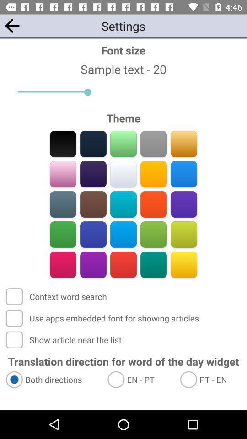 Image resolution: width=247 pixels, height=439 pixels. What do you see at coordinates (123, 174) in the screenshot?
I see `color` at bounding box center [123, 174].